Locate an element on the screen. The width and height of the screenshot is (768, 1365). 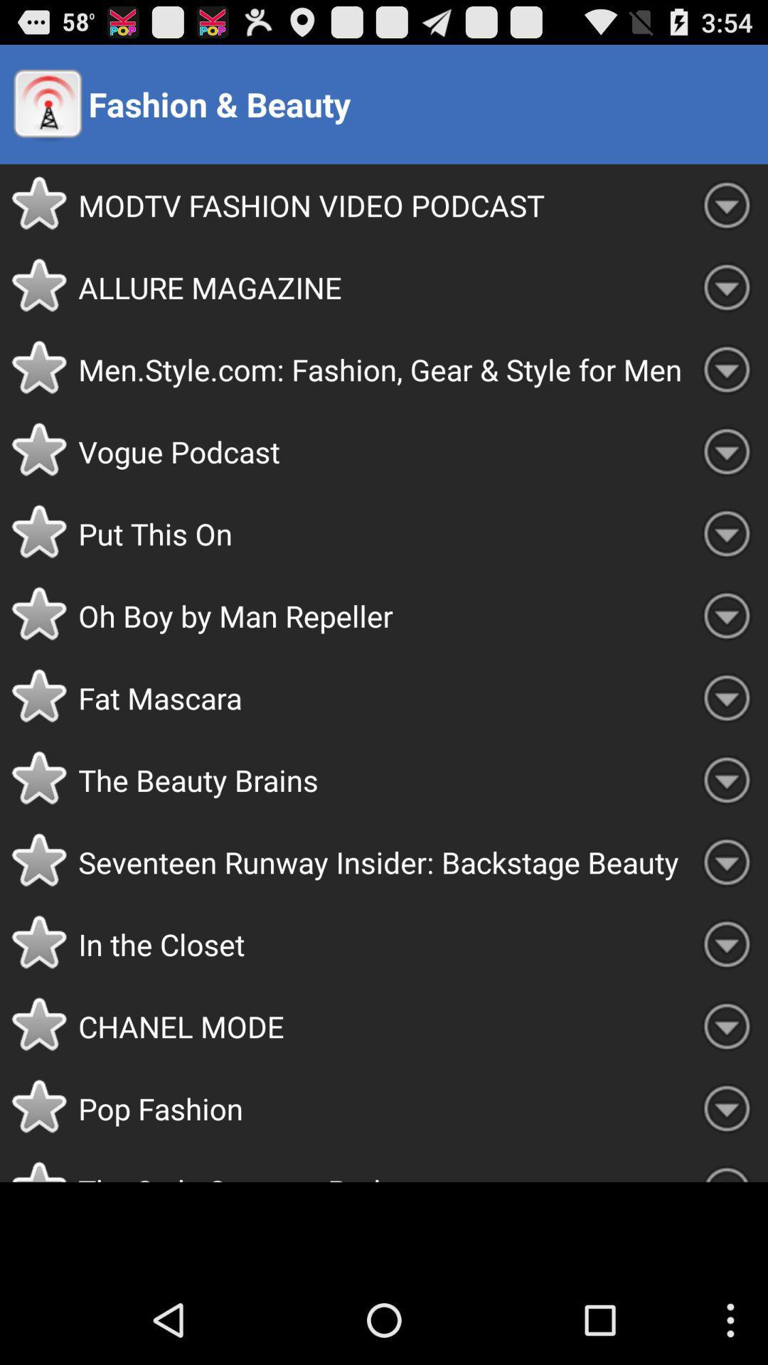
the downward play icon next to put this on is located at coordinates (727, 532).